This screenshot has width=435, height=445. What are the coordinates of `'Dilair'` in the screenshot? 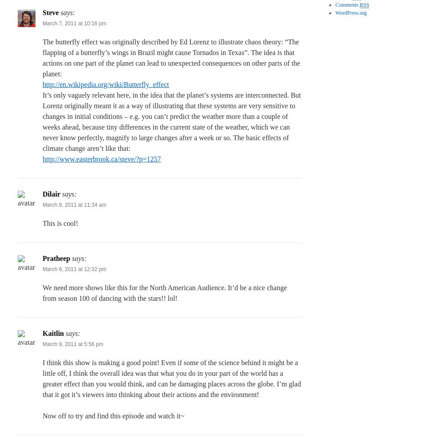 It's located at (51, 194).